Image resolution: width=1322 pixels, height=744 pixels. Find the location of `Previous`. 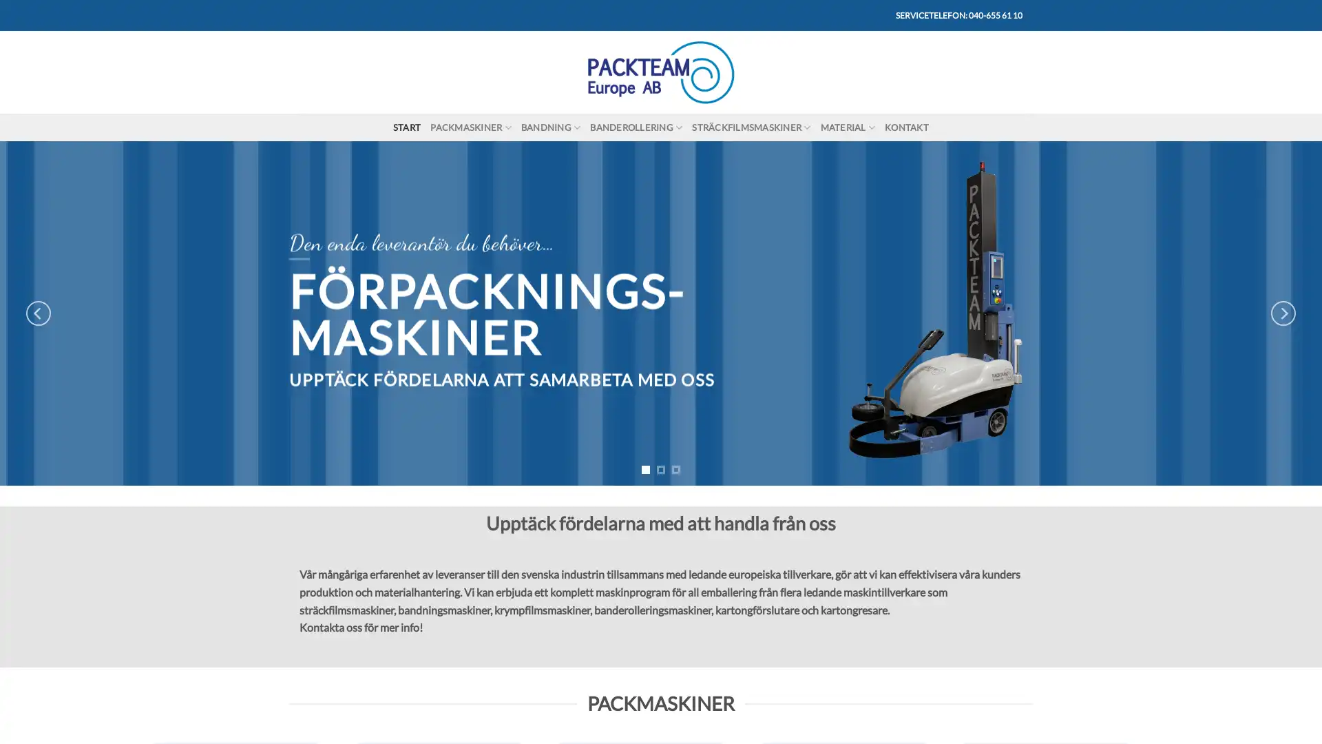

Previous is located at coordinates (39, 313).